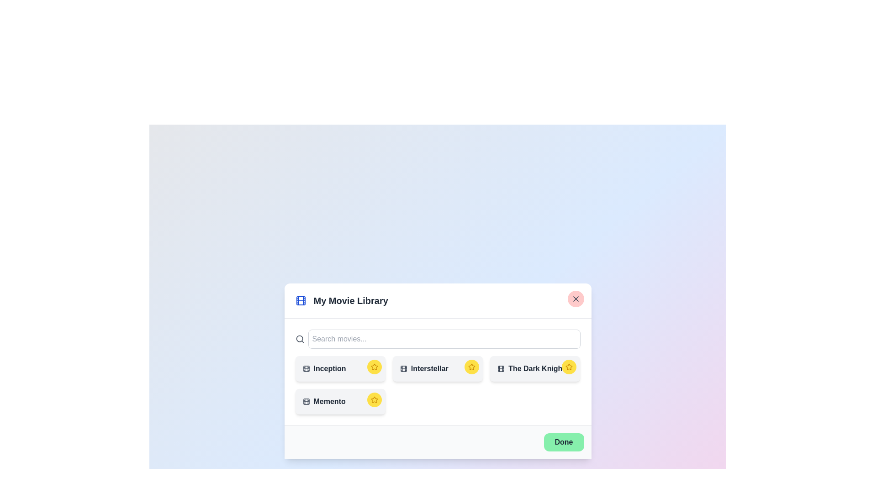  Describe the element at coordinates (472, 366) in the screenshot. I see `the star icon adjacent to the text 'Interstellar'` at that location.